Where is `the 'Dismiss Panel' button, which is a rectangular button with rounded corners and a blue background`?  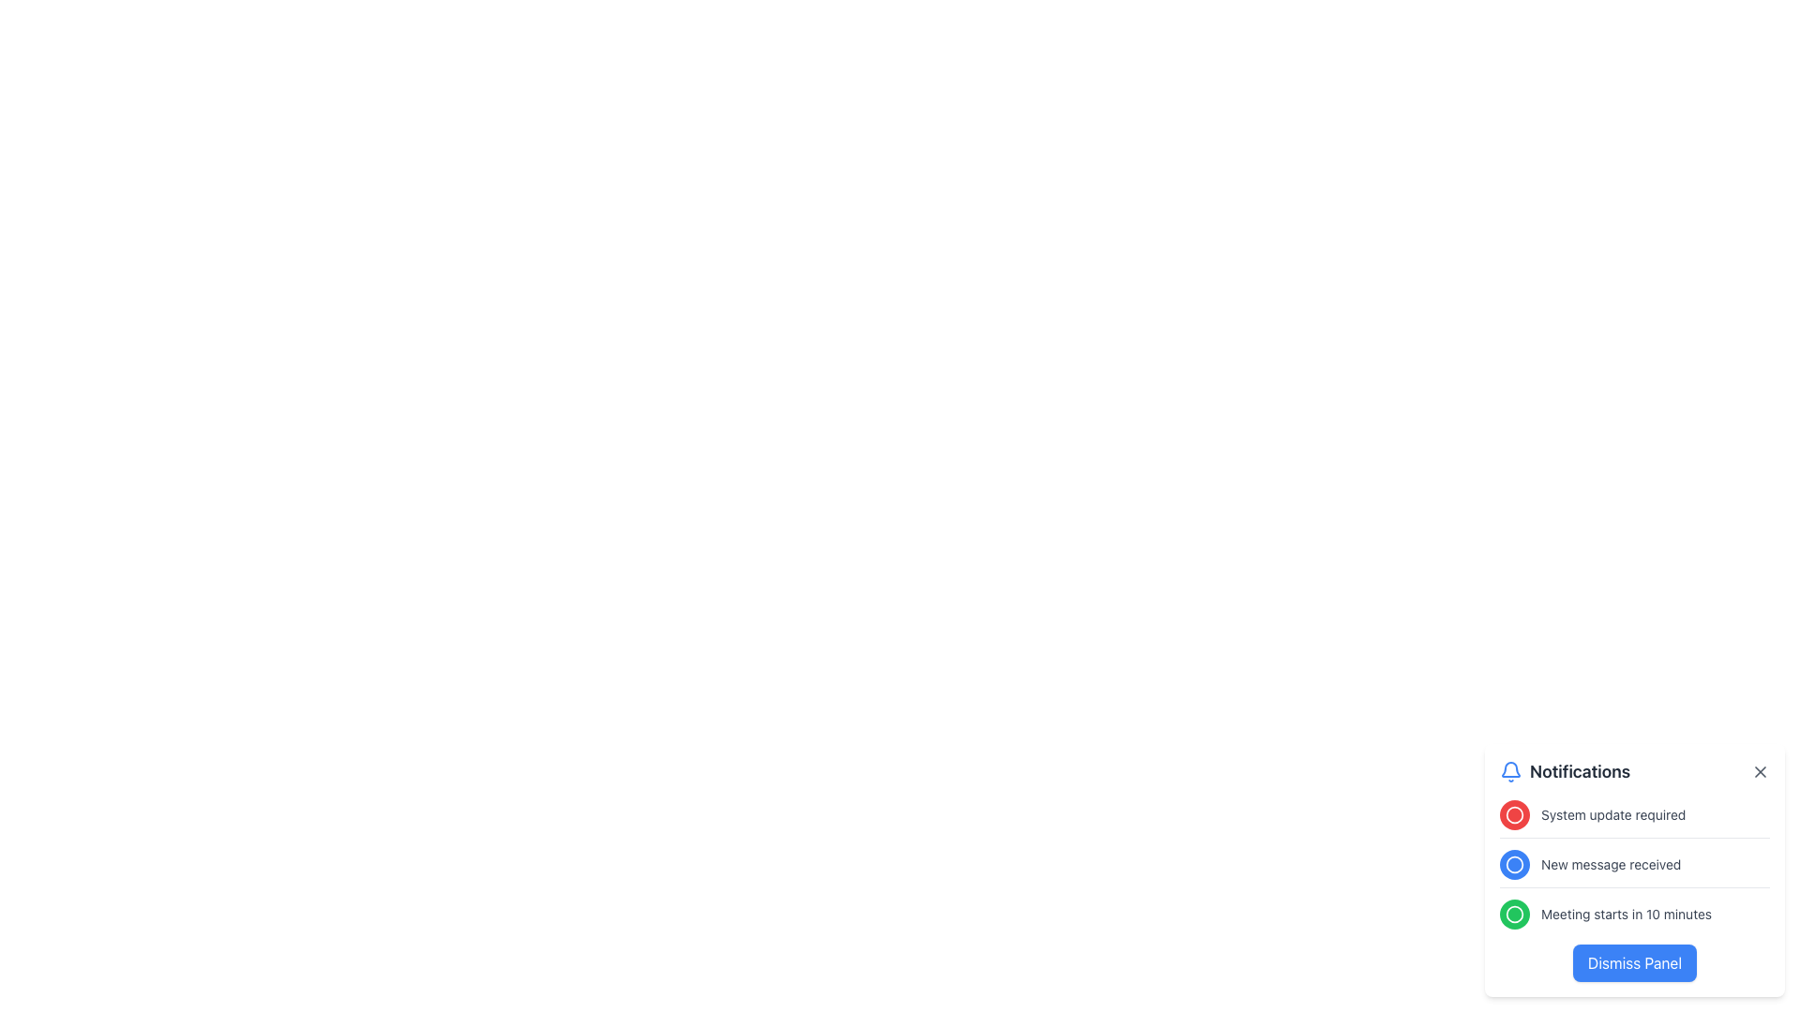
the 'Dismiss Panel' button, which is a rectangular button with rounded corners and a blue background is located at coordinates (1633, 963).